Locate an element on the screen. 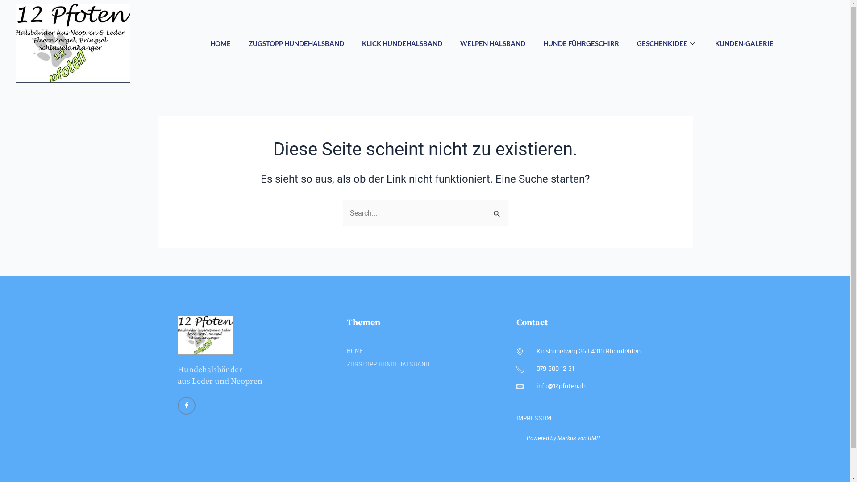 The image size is (857, 482). 'HOME' is located at coordinates (220, 43).